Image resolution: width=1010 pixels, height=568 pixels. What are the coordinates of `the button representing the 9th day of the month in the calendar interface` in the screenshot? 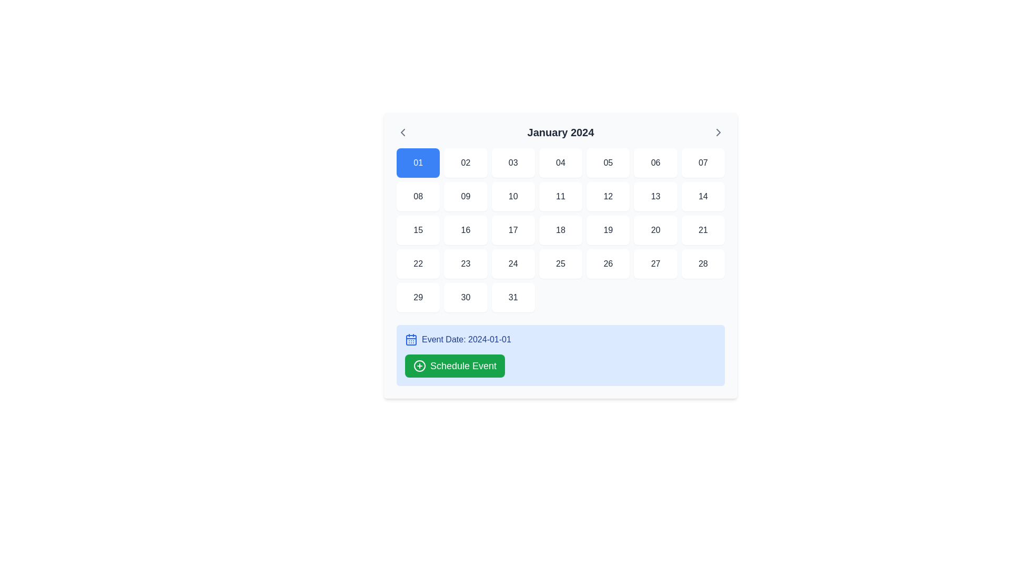 It's located at (465, 197).